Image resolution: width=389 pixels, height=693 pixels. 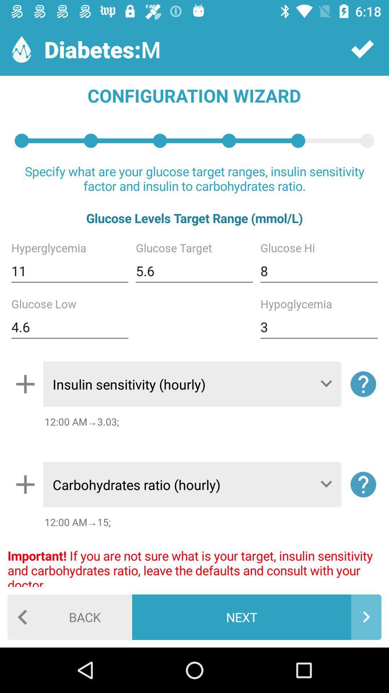 What do you see at coordinates (70, 616) in the screenshot?
I see `the icon next to the next item` at bounding box center [70, 616].